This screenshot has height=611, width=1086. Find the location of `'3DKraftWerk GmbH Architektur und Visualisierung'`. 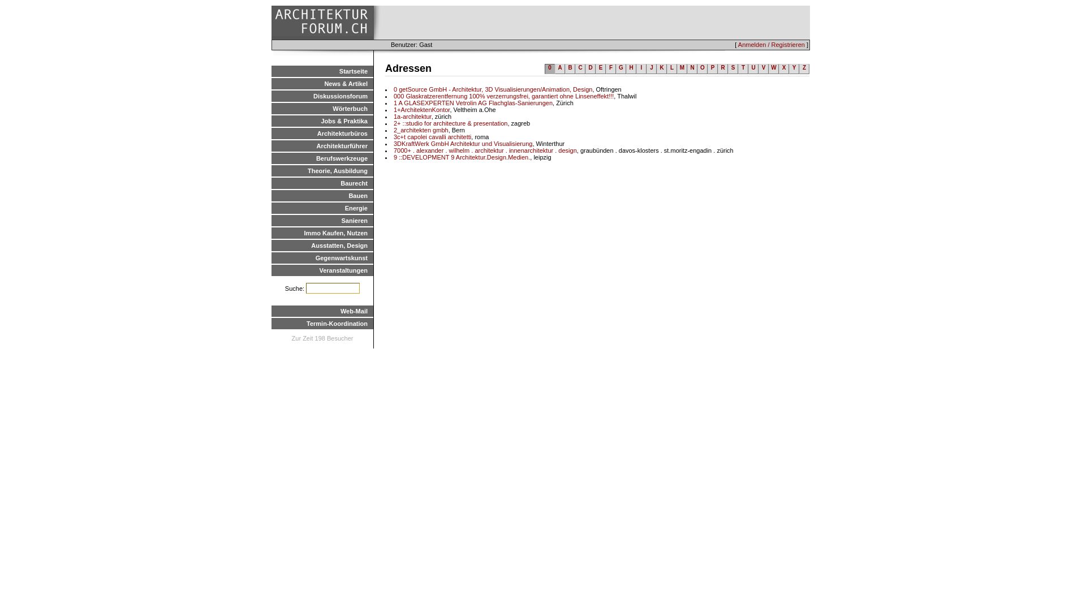

'3DKraftWerk GmbH Architektur und Visualisierung' is located at coordinates (463, 143).